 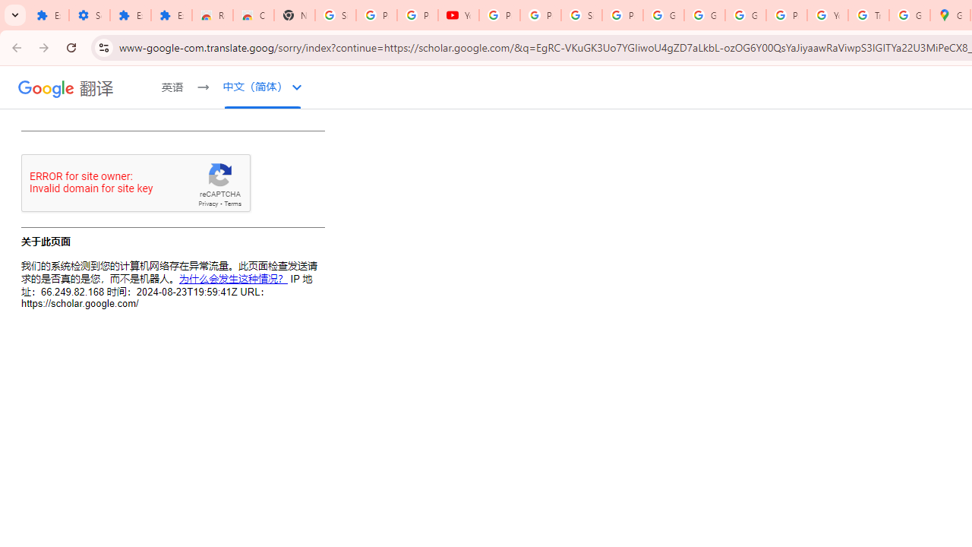 I want to click on 'Reviews: Helix Fruit Jump Arcade Game', so click(x=212, y=15).